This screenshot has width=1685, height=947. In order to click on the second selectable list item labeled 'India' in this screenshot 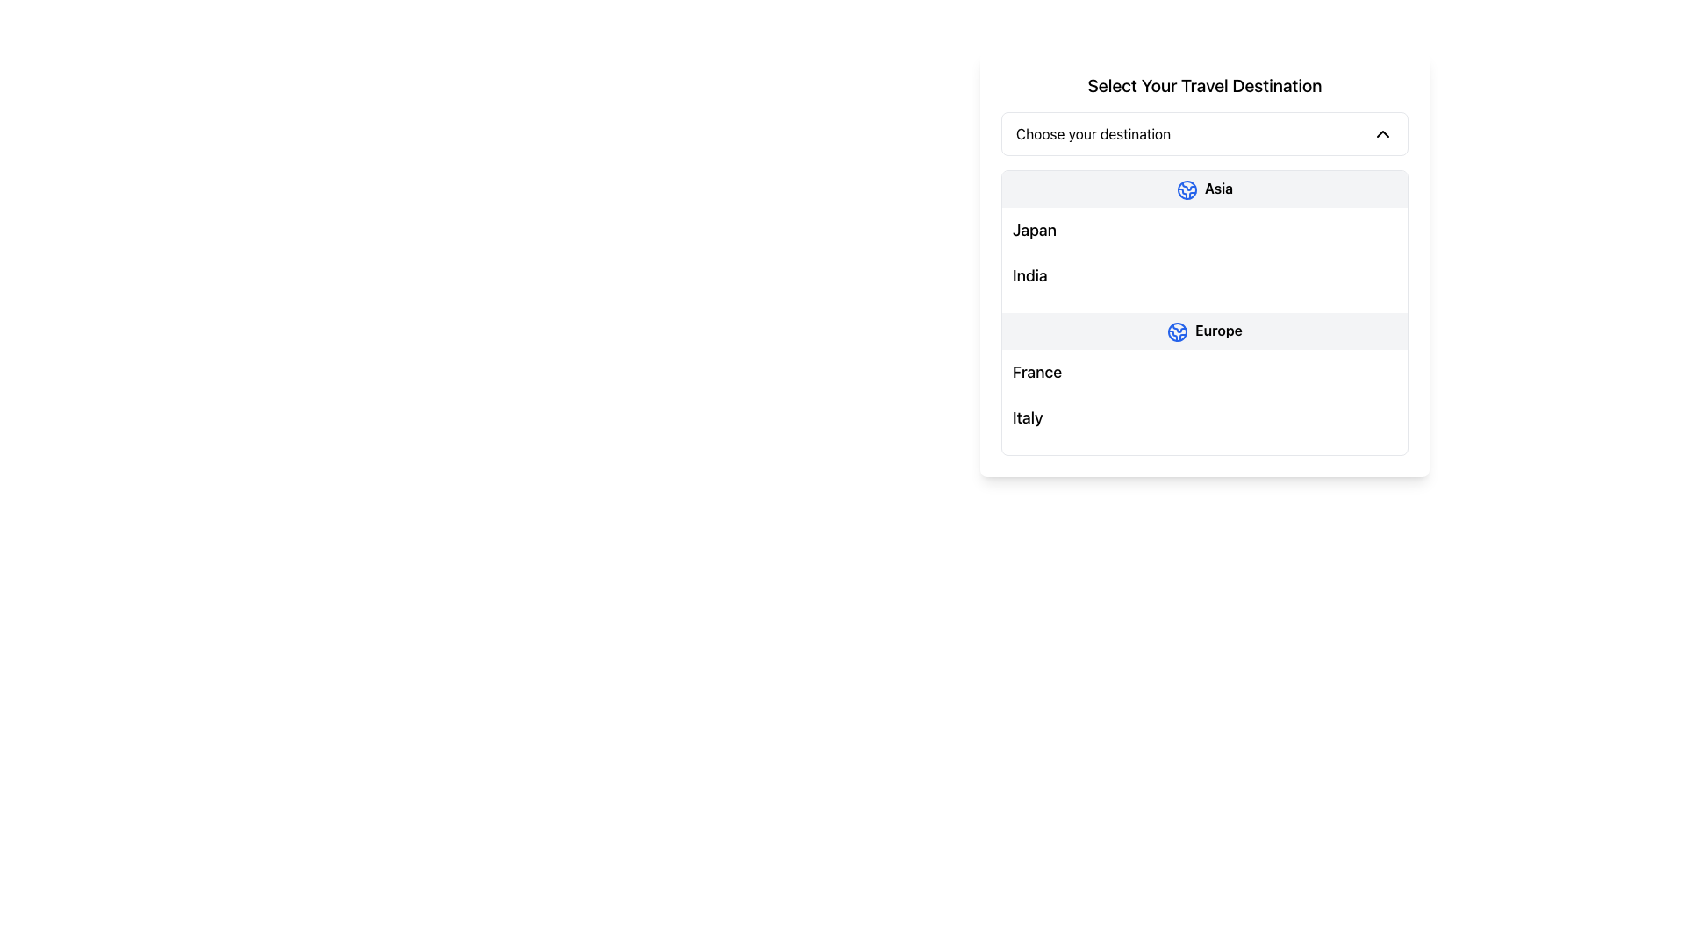, I will do `click(1203, 274)`.